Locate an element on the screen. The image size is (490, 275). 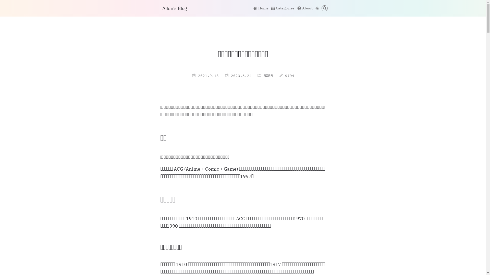
'Categories' is located at coordinates (283, 8).